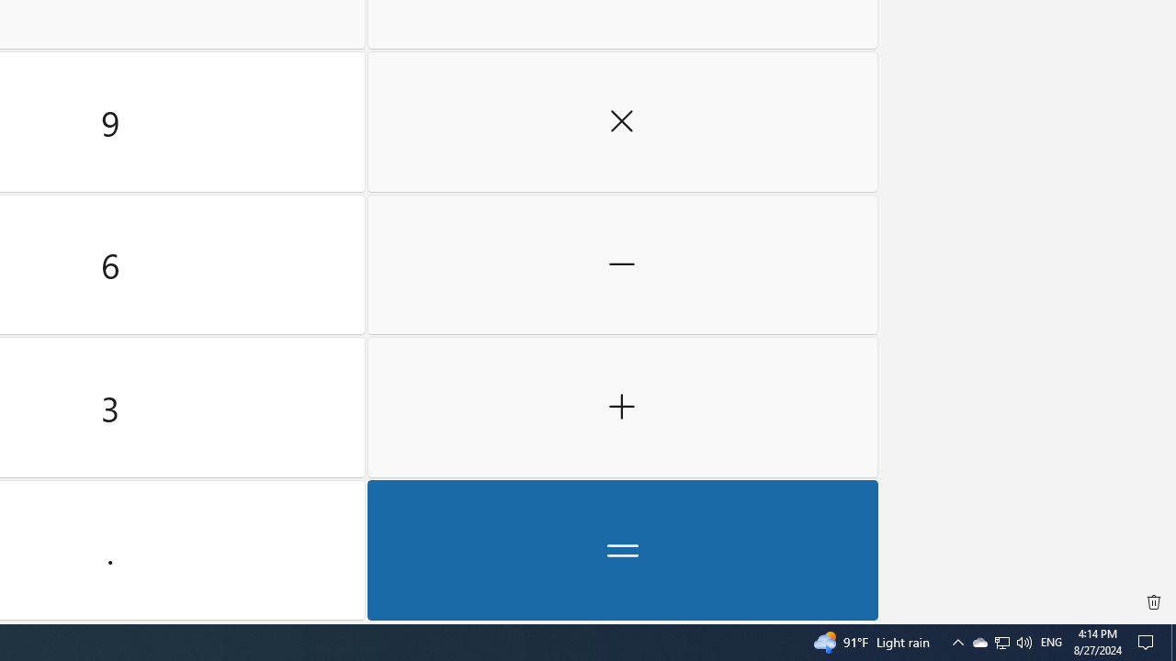 The image size is (1176, 661). What do you see at coordinates (622, 549) in the screenshot?
I see `'Equals'` at bounding box center [622, 549].